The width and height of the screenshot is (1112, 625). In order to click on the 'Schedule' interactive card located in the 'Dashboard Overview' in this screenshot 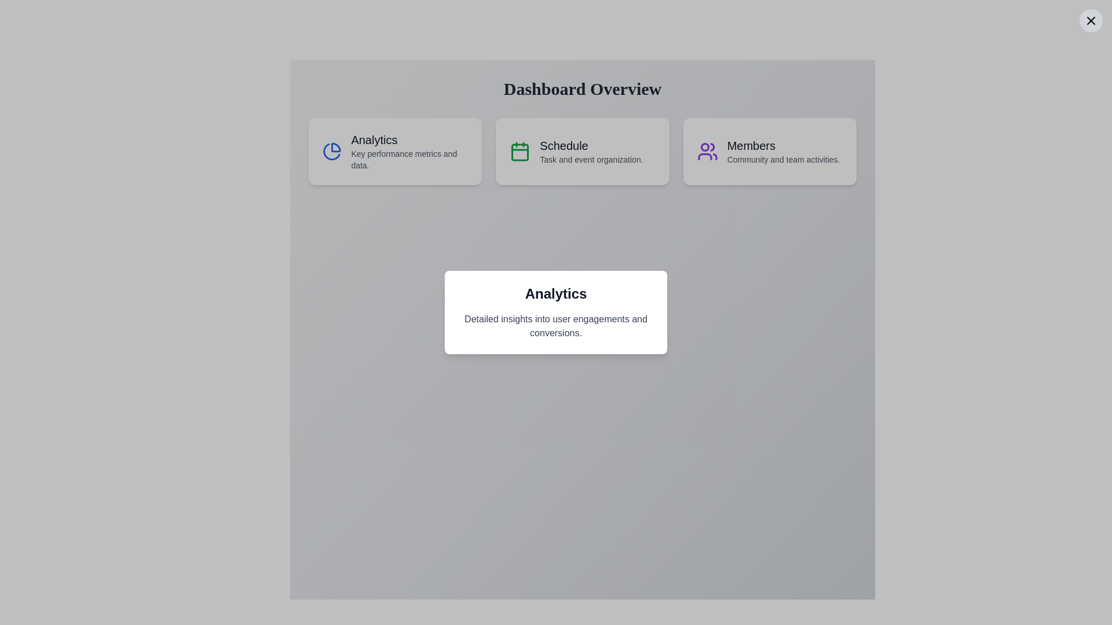, I will do `click(583, 151)`.